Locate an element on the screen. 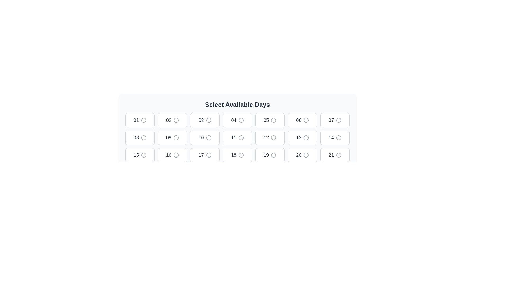  the circular selection indicator (radio button) labeled '03' is located at coordinates (208, 120).